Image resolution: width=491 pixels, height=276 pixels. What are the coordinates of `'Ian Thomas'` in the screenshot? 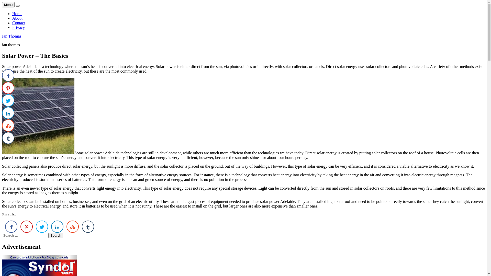 It's located at (12, 36).